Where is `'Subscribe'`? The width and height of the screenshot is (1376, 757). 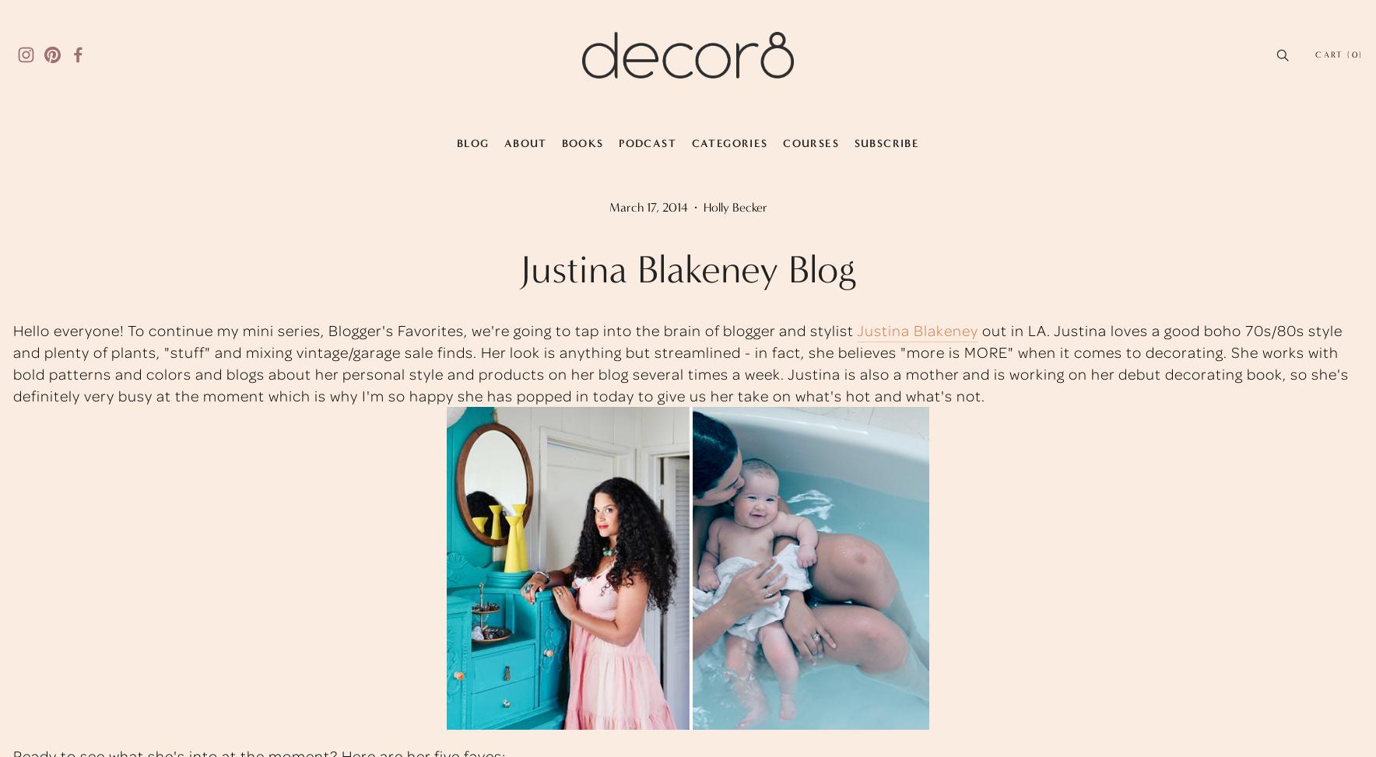
'Subscribe' is located at coordinates (886, 142).